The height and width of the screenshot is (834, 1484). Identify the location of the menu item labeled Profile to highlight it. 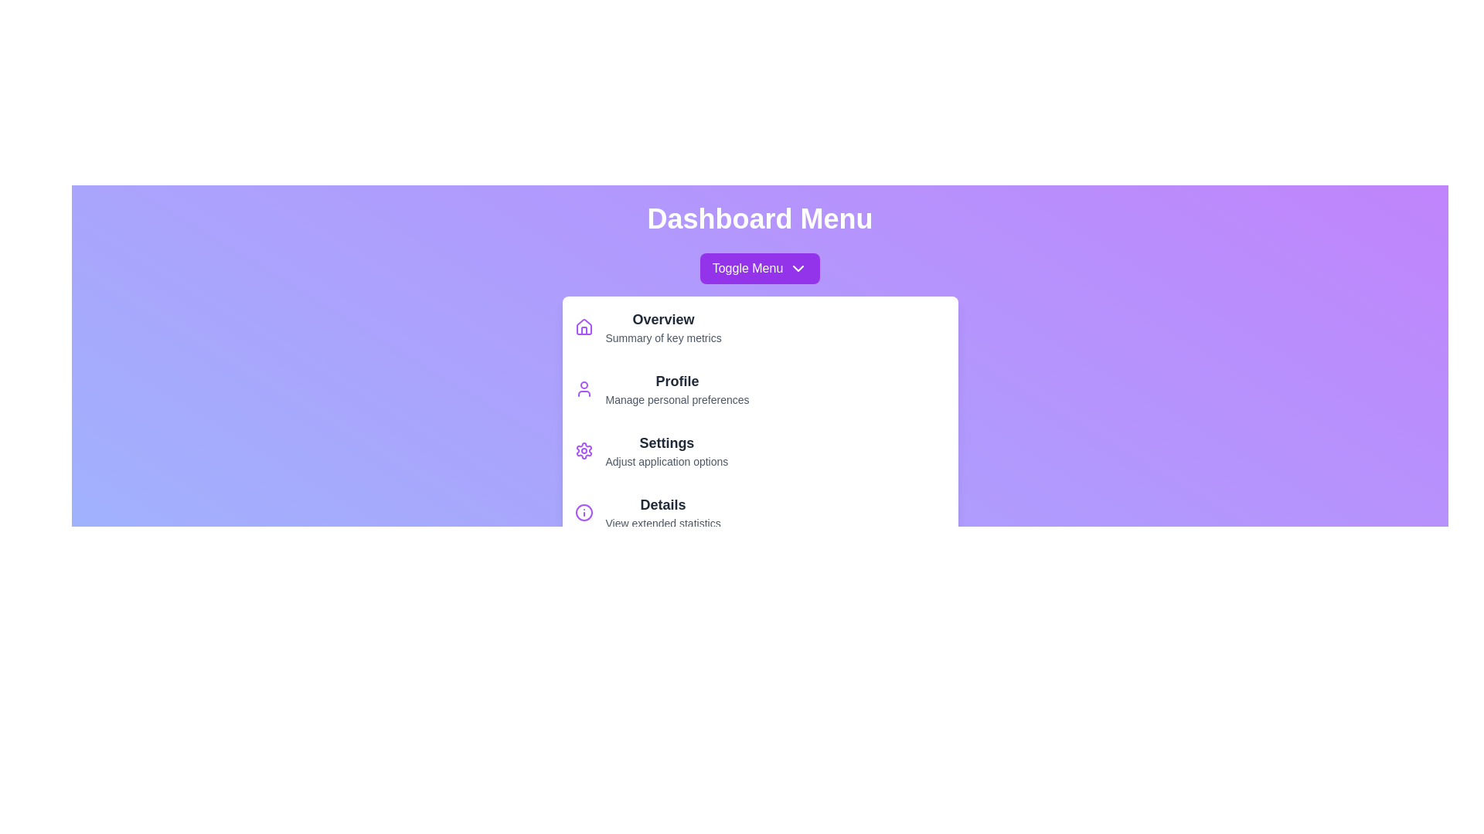
(760, 388).